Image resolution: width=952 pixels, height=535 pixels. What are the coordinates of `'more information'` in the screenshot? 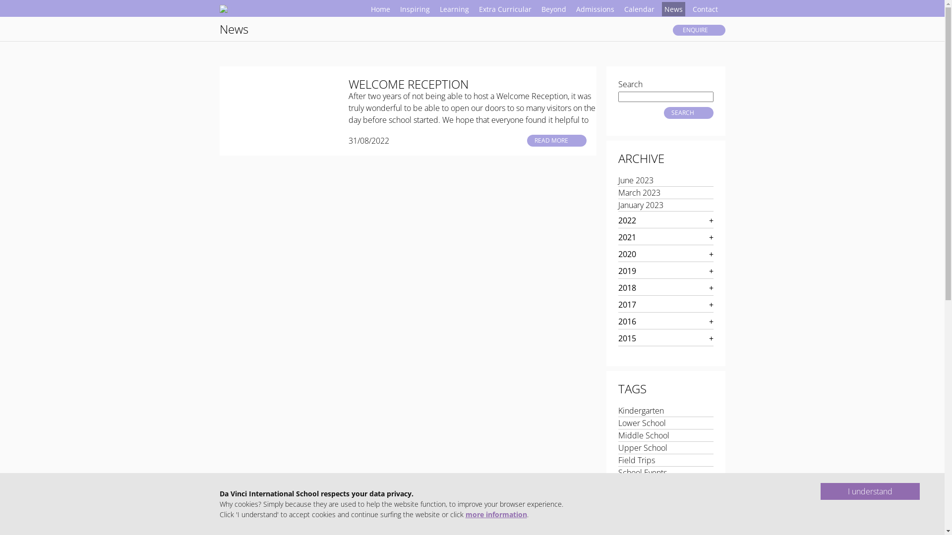 It's located at (495, 514).